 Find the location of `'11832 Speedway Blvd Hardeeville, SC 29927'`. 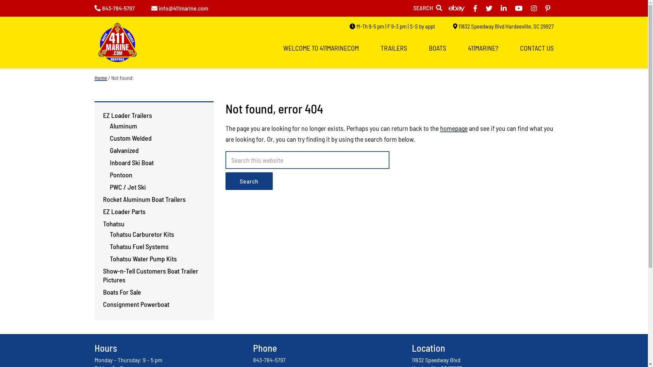

'11832 Speedway Blvd Hardeeville, SC 29927' is located at coordinates (503, 26).